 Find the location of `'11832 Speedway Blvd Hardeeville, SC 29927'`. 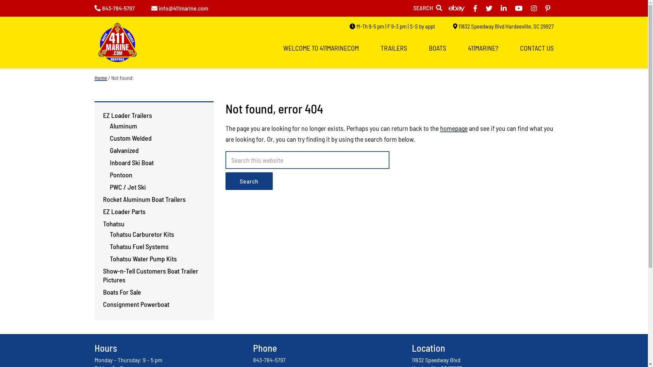

'11832 Speedway Blvd Hardeeville, SC 29927' is located at coordinates (503, 26).